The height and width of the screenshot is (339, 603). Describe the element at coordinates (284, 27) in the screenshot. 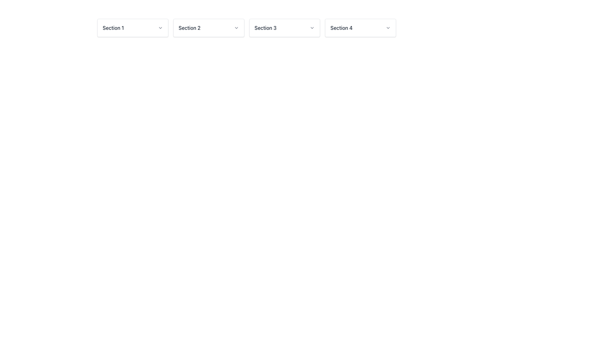

I see `the Dropdown menu trigger for 'Section 3'` at that location.